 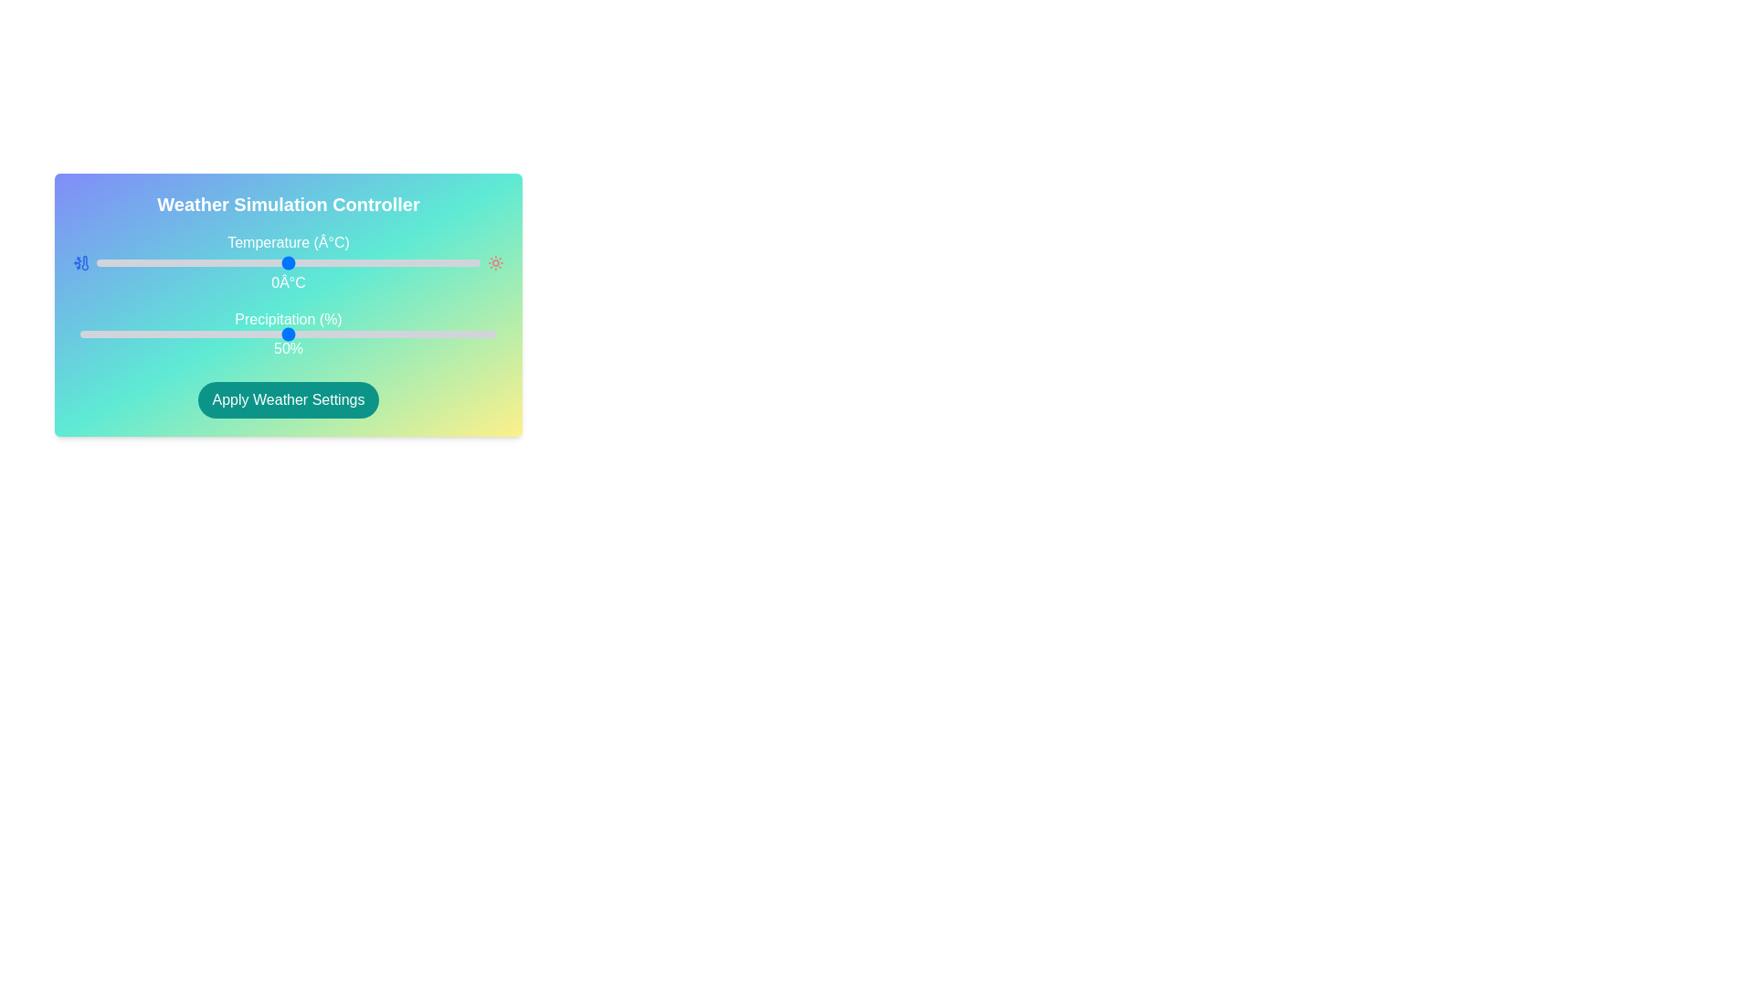 I want to click on the temperature slider to 28°C, so click(x=395, y=263).